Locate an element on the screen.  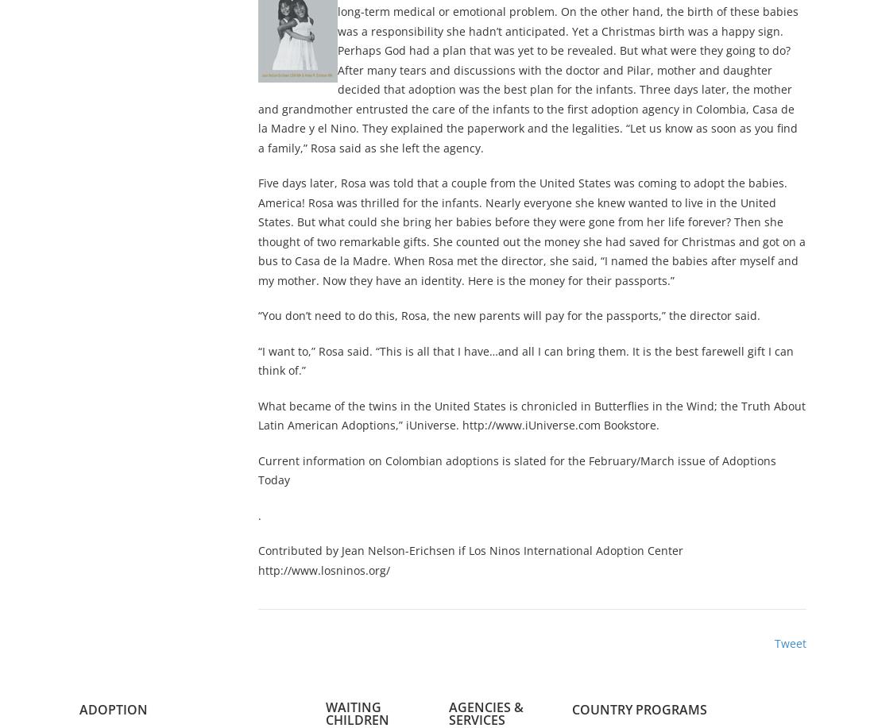
'Tweet' is located at coordinates (789, 643).